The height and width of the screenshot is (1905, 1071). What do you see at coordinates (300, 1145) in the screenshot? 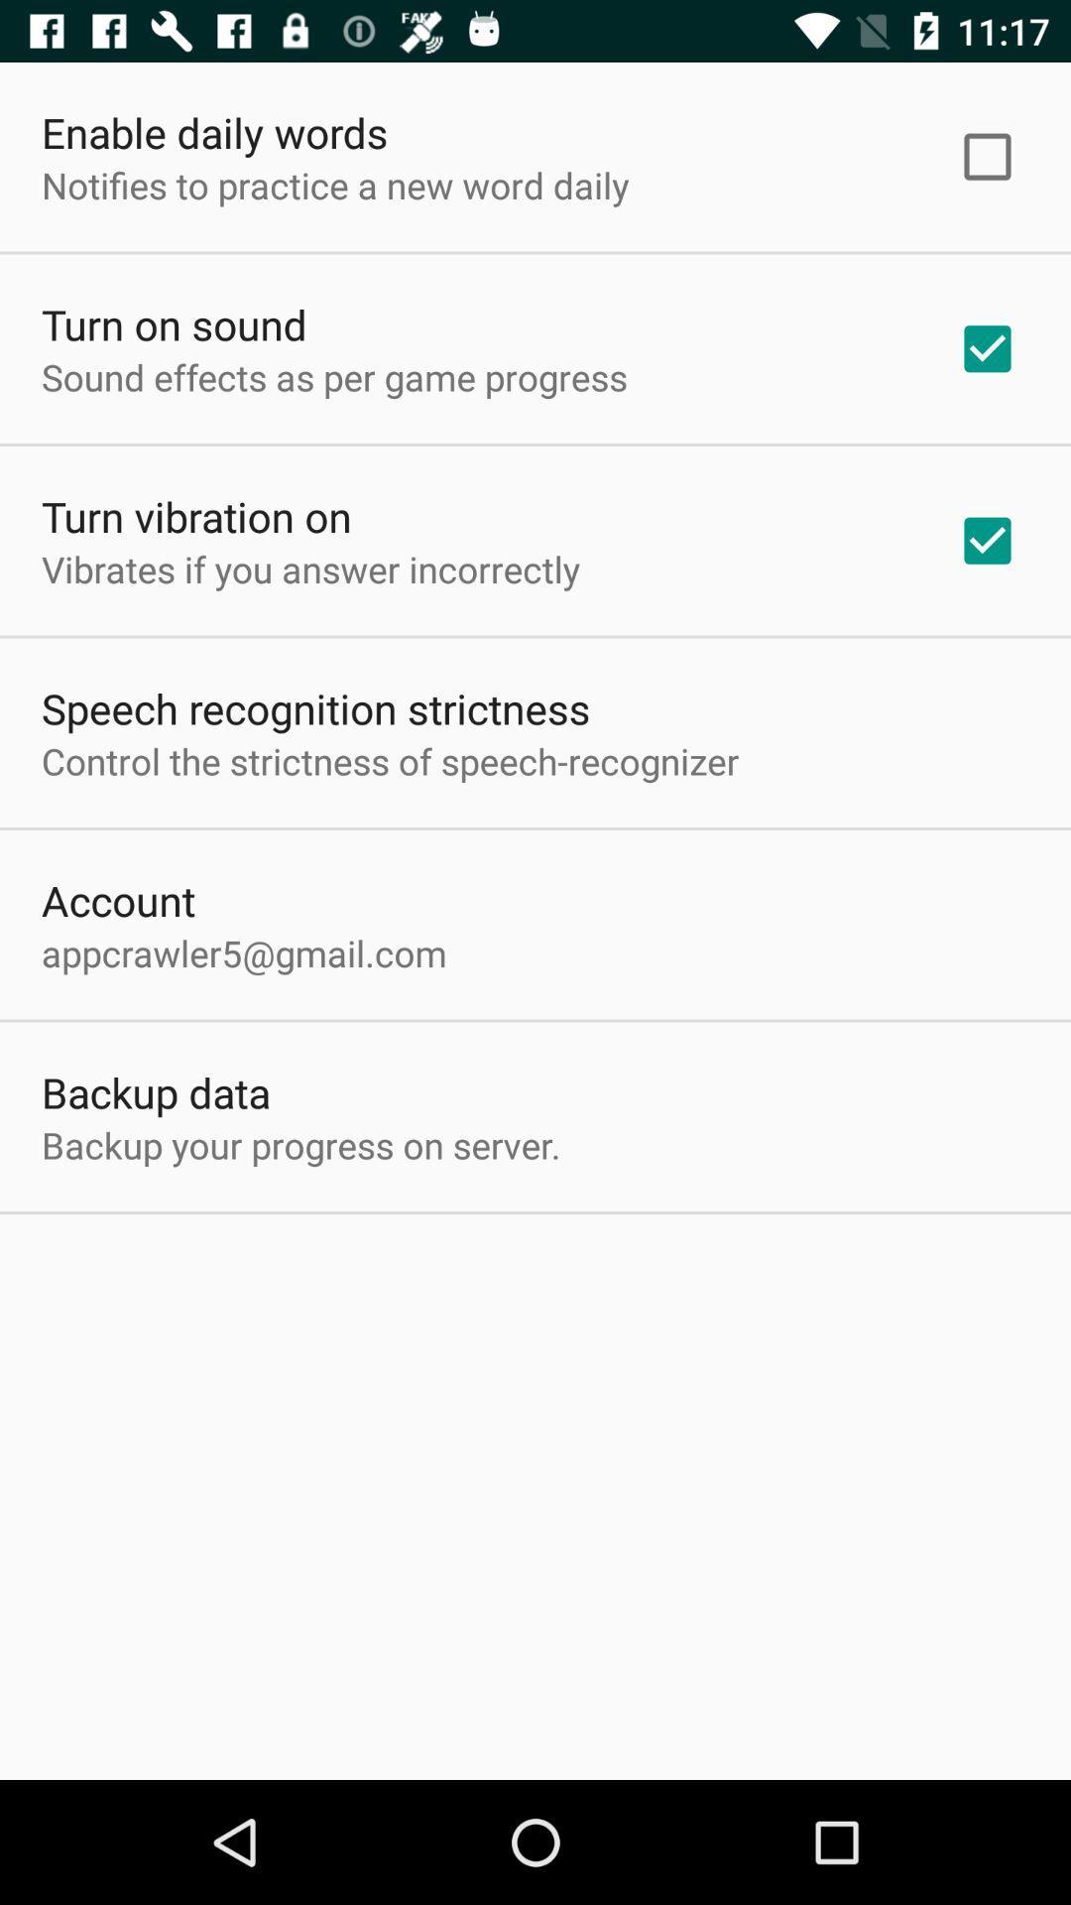
I see `app below backup data item` at bounding box center [300, 1145].